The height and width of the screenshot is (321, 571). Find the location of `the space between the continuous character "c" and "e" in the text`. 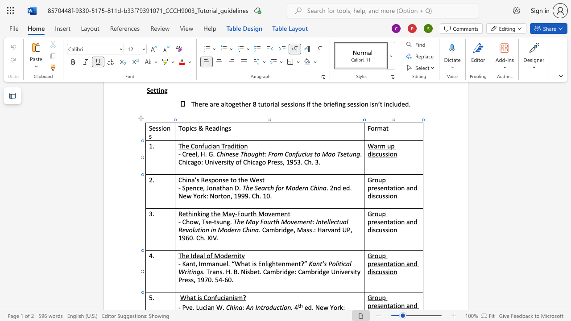

the space between the continuous character "c" and "e" in the text is located at coordinates (199, 187).